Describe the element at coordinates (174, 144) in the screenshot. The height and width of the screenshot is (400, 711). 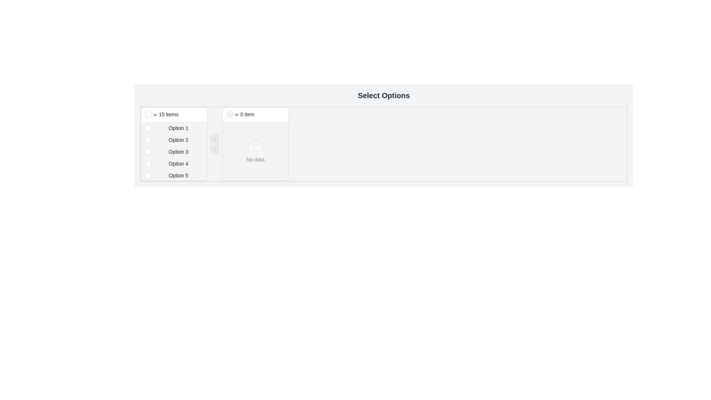
I see `the checkbox of the second item in the selection list located on the left panel beneath the header '15 items'` at that location.